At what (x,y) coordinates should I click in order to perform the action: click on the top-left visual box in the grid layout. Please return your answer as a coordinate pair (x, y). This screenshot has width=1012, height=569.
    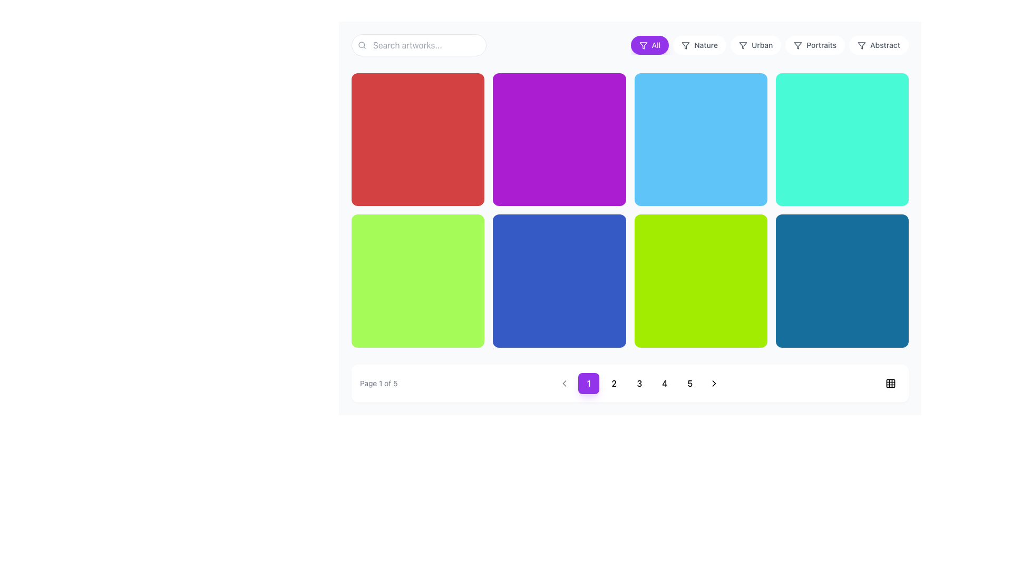
    Looking at the image, I should click on (417, 139).